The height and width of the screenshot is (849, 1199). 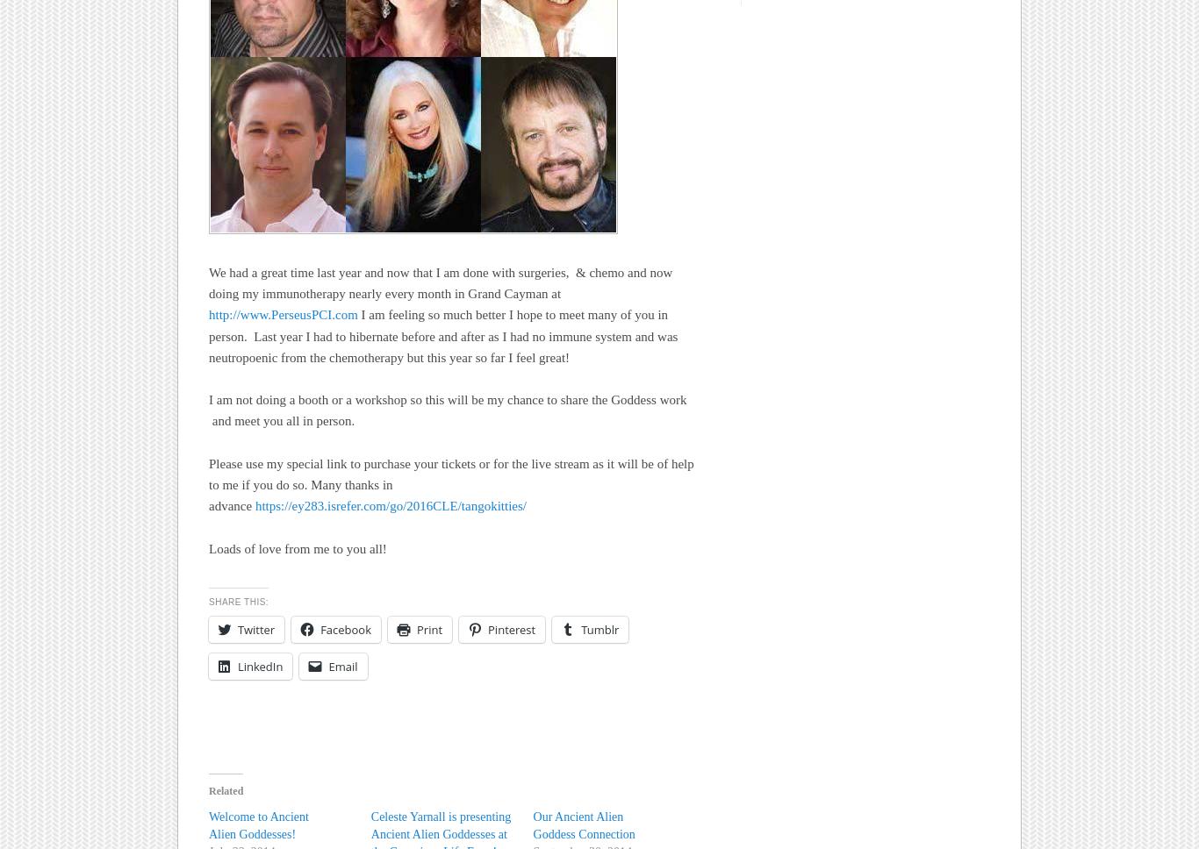 I want to click on 'Share this:', so click(x=238, y=601).